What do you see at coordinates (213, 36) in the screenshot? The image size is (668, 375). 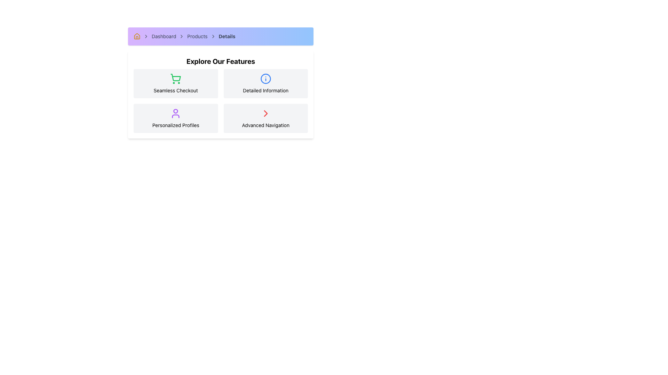 I see `the small gray arrow icon pointing to the right in the breadcrumb navigation bar, which is the fourth icon between 'Products' and 'Details'` at bounding box center [213, 36].